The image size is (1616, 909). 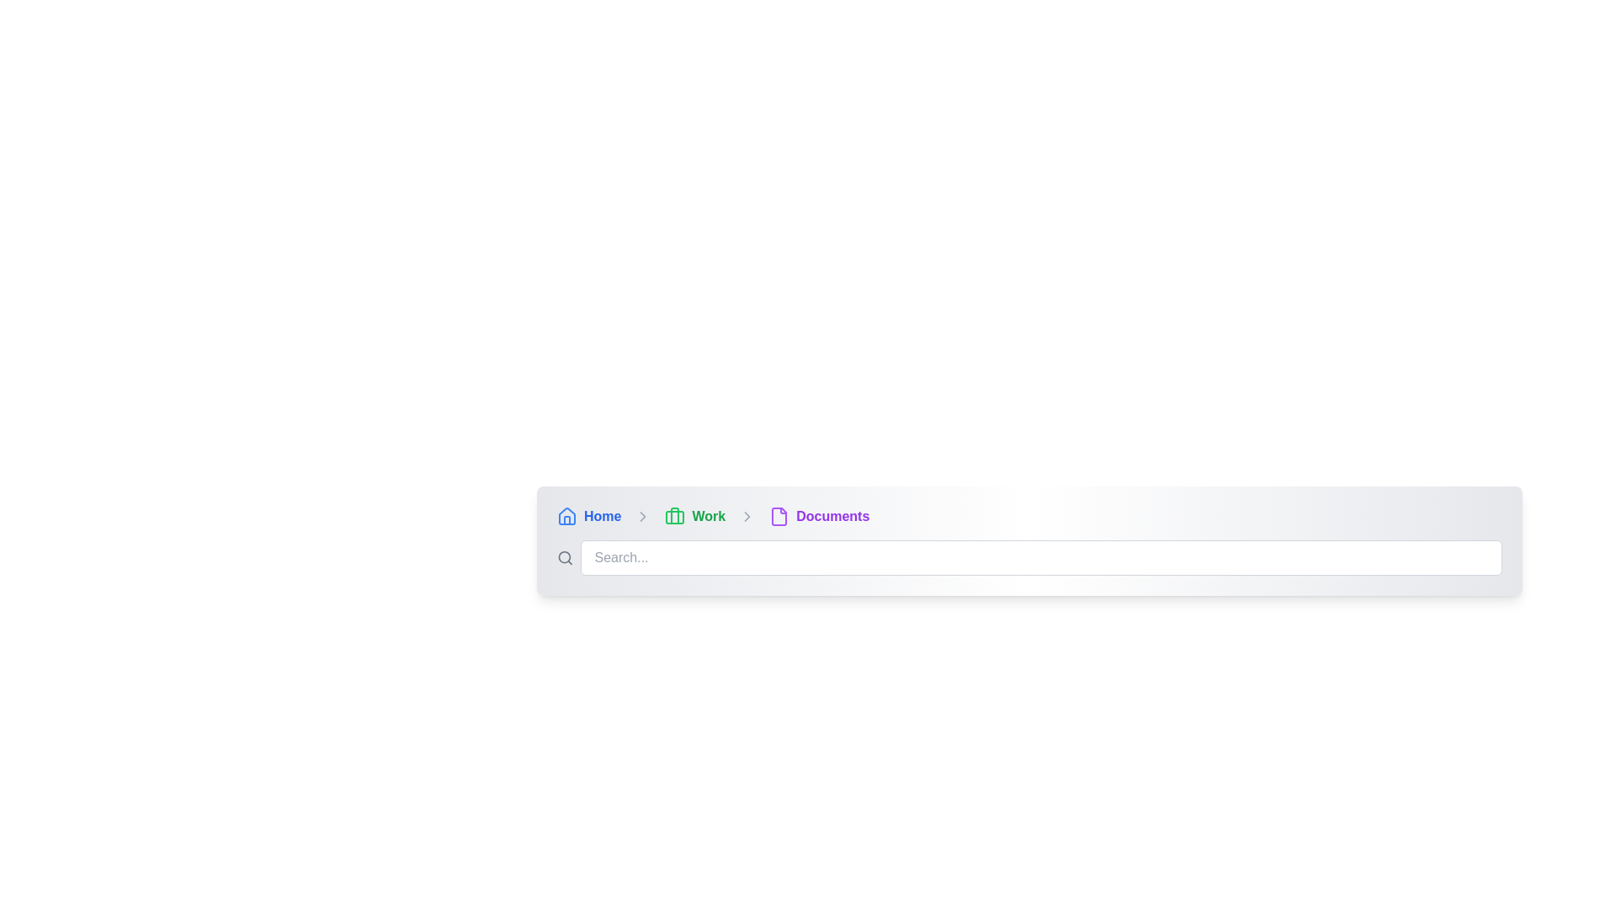 What do you see at coordinates (695, 515) in the screenshot?
I see `the second breadcrumb navigation link that allows users to navigate to the 'Work' section, located between 'Home' and 'Documents'` at bounding box center [695, 515].